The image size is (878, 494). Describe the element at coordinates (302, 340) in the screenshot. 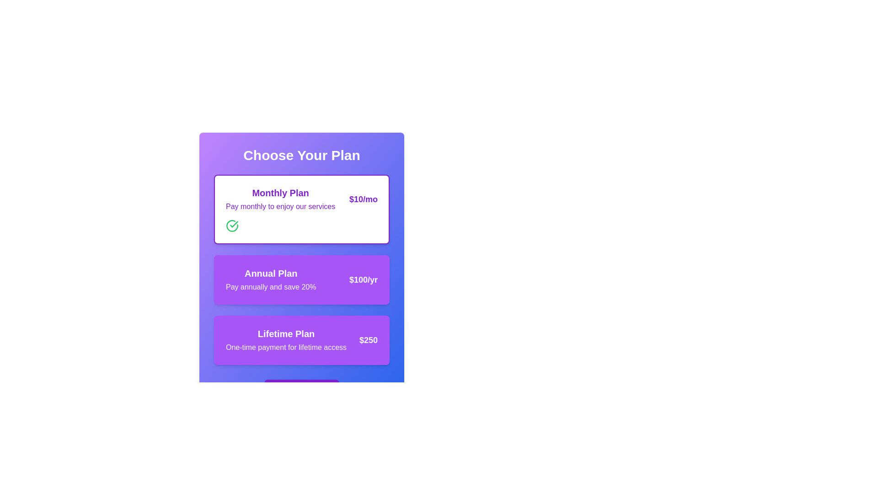

I see `the 'Lifetime Plan' card, which is the third card in a vertical stack of payment plans` at that location.